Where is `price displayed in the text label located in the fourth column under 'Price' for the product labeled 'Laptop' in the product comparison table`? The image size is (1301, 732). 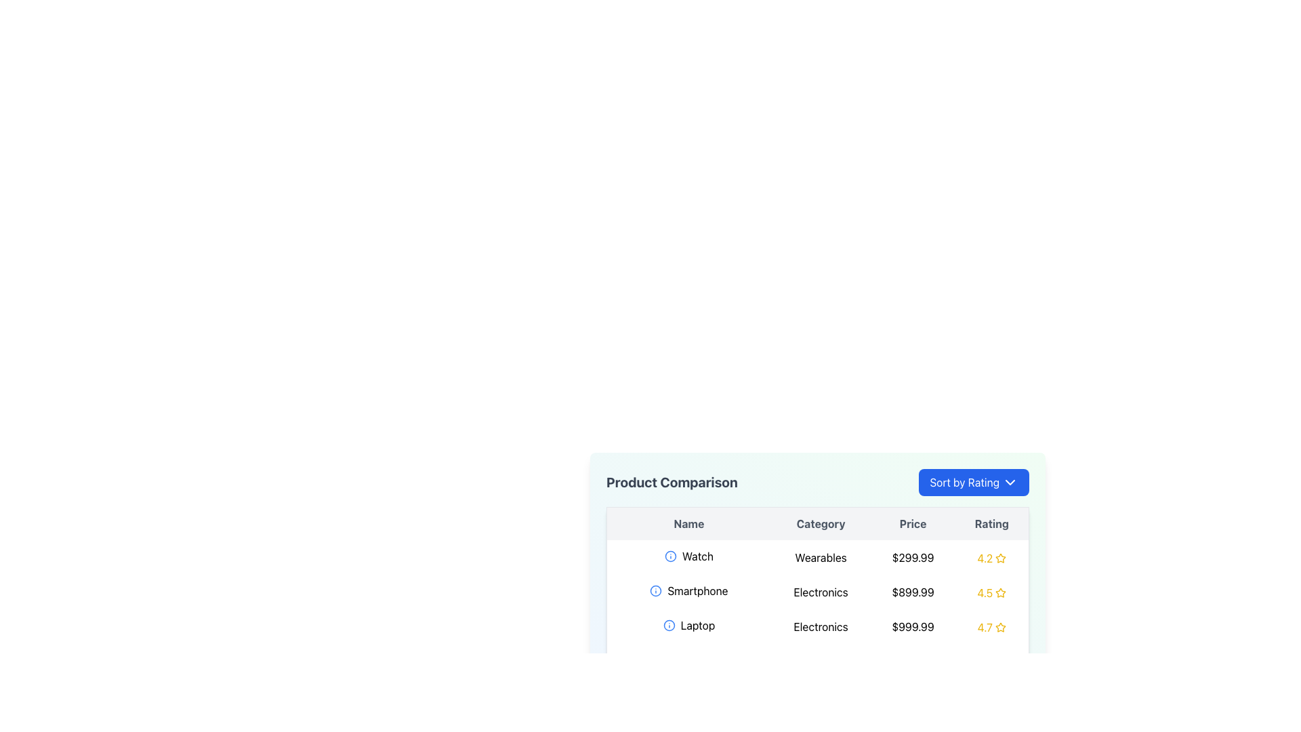 price displayed in the text label located in the fourth column under 'Price' for the product labeled 'Laptop' in the product comparison table is located at coordinates (913, 626).